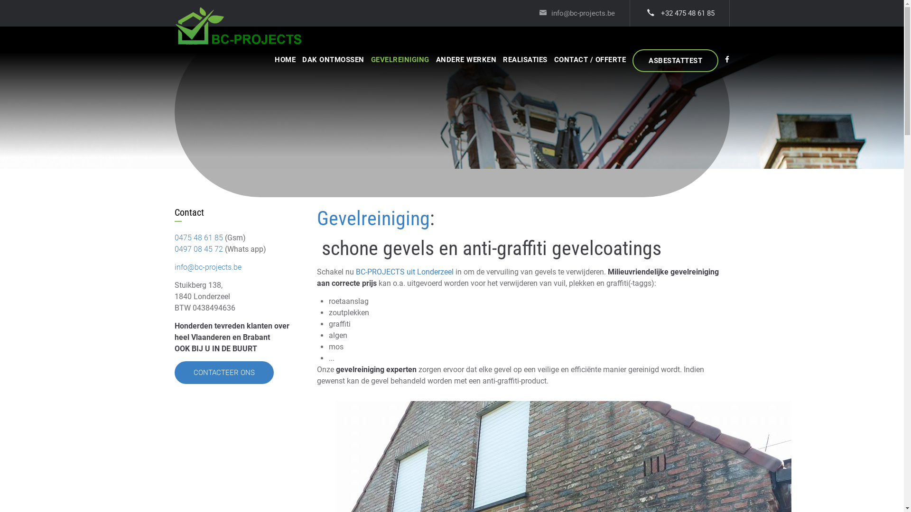  What do you see at coordinates (466, 60) in the screenshot?
I see `'ANDERE WERKEN'` at bounding box center [466, 60].